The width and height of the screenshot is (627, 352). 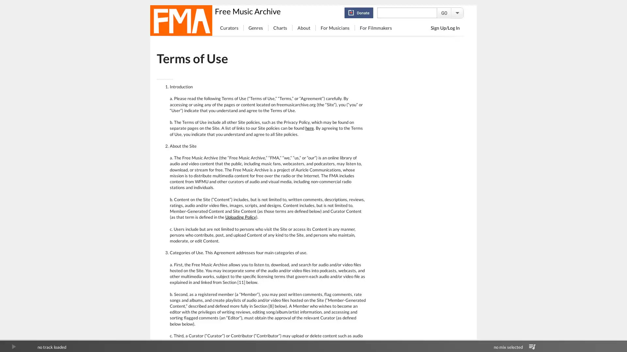 What do you see at coordinates (532, 346) in the screenshot?
I see `select mix` at bounding box center [532, 346].